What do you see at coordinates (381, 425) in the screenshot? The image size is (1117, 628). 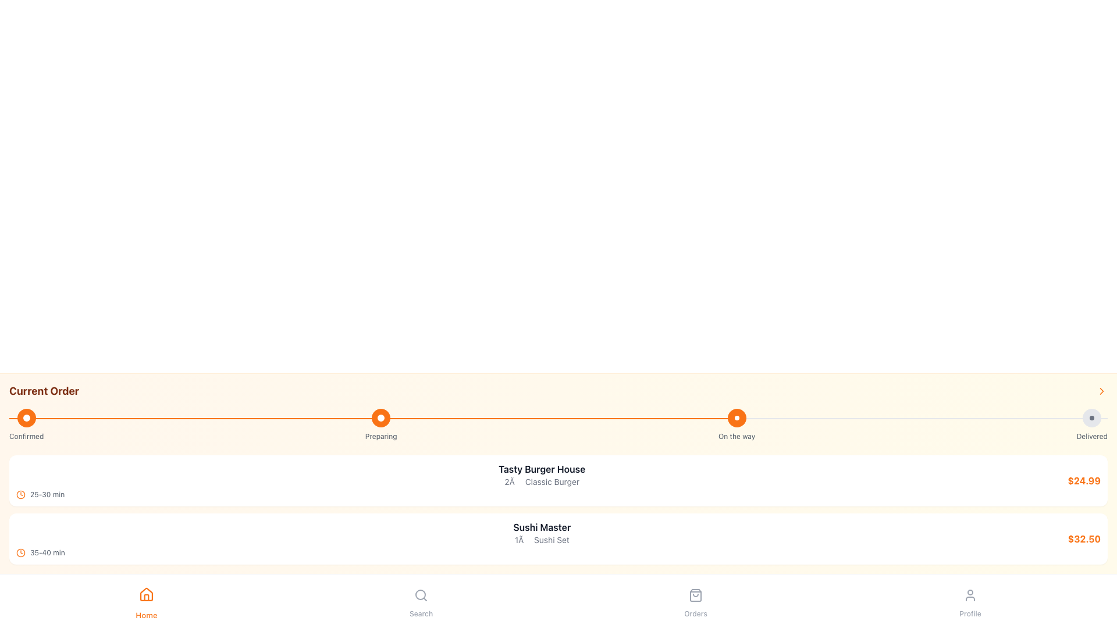 I see `the 'Preparing' status indicator in the delivery process, which informs users that their order is currently in the preparation stage` at bounding box center [381, 425].